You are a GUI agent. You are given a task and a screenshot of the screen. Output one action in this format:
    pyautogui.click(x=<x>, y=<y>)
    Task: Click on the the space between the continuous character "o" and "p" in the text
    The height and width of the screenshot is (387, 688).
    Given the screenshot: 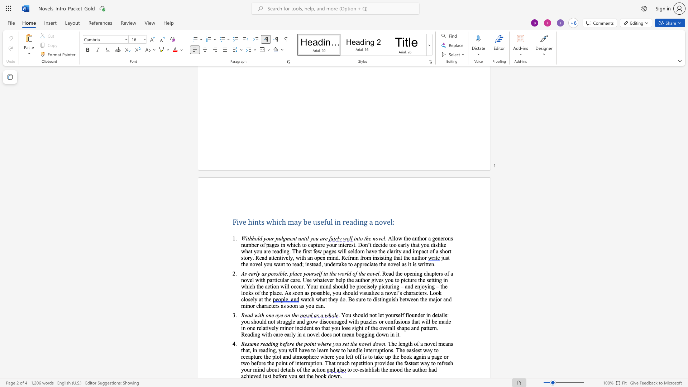 What is the action you would take?
    pyautogui.click(x=316, y=257)
    